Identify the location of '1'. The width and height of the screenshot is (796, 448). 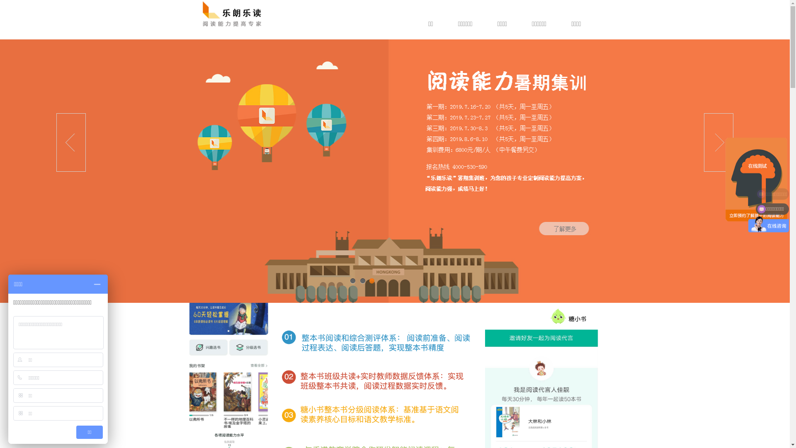
(352, 281).